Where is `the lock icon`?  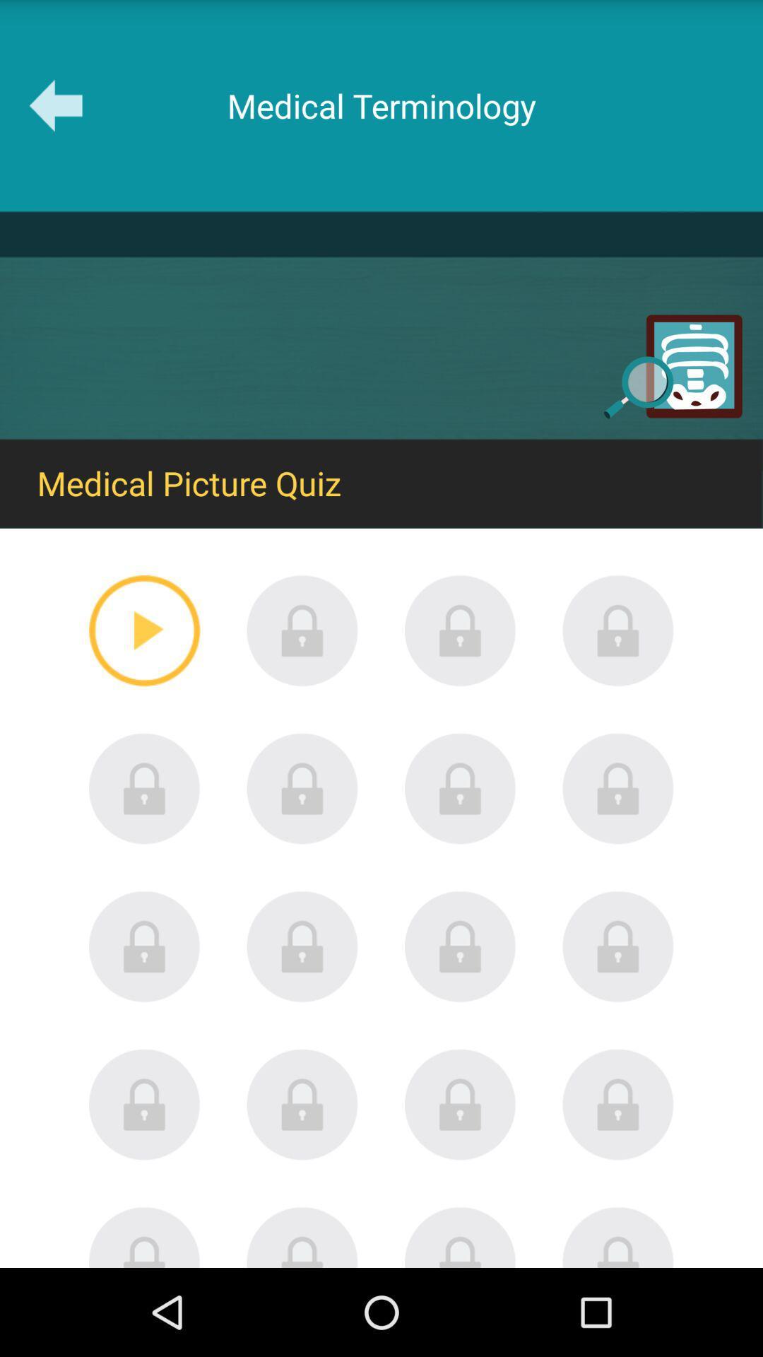 the lock icon is located at coordinates (302, 1012).